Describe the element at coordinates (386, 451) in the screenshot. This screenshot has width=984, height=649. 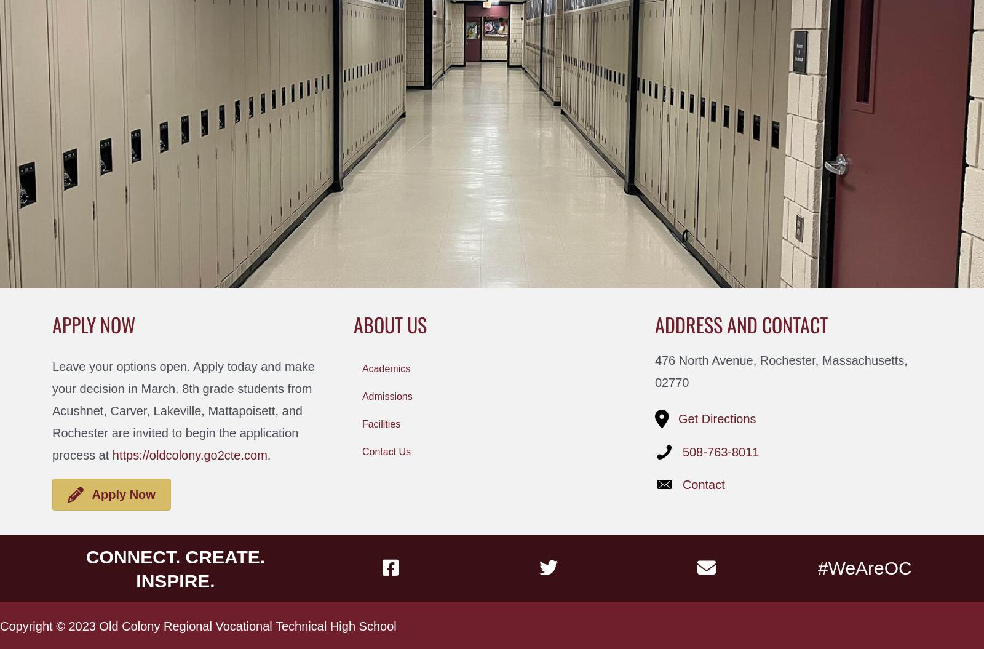
I see `'Contact Us'` at that location.